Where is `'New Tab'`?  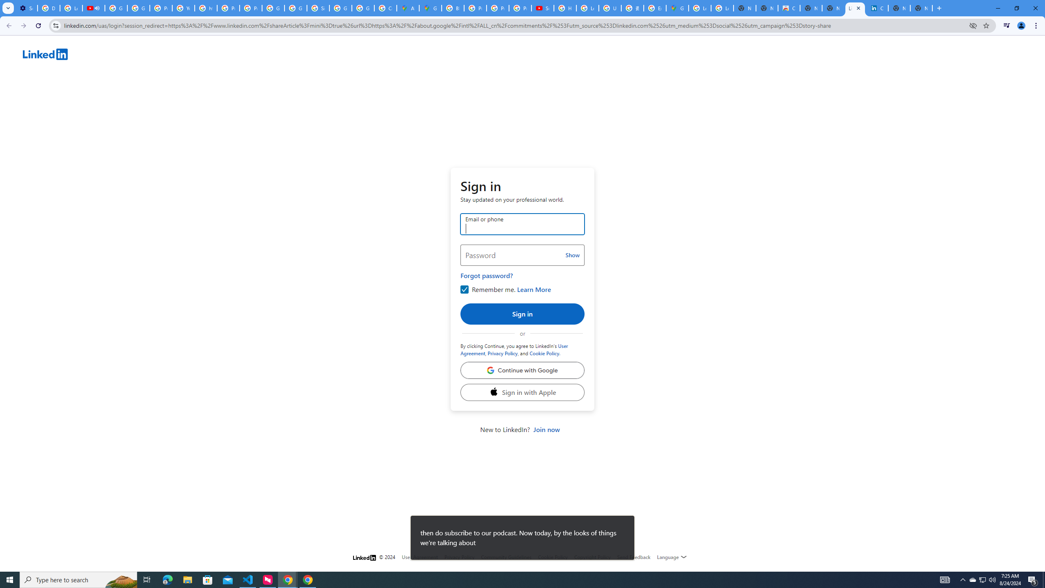
'New Tab' is located at coordinates (921, 8).